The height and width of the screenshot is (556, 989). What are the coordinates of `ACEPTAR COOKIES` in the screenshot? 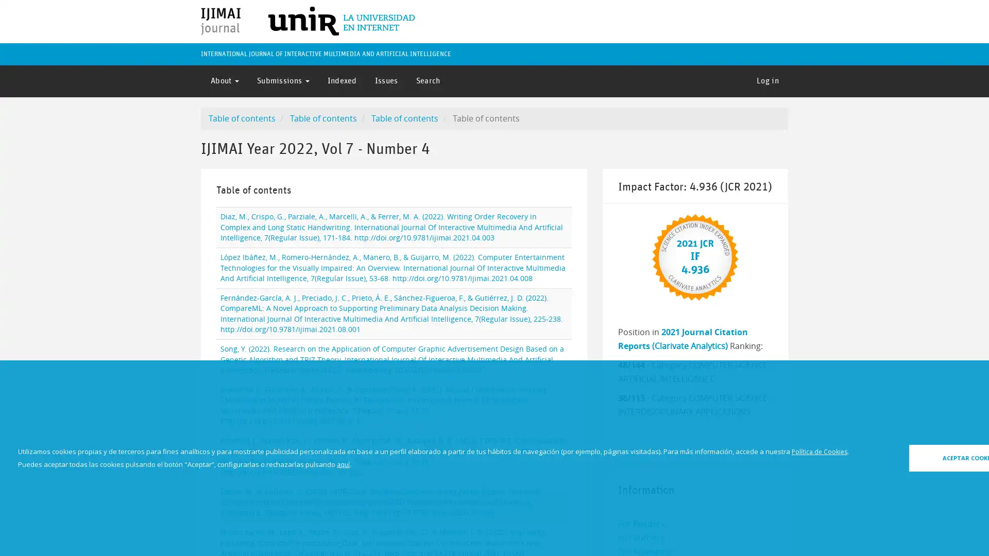 It's located at (910, 457).